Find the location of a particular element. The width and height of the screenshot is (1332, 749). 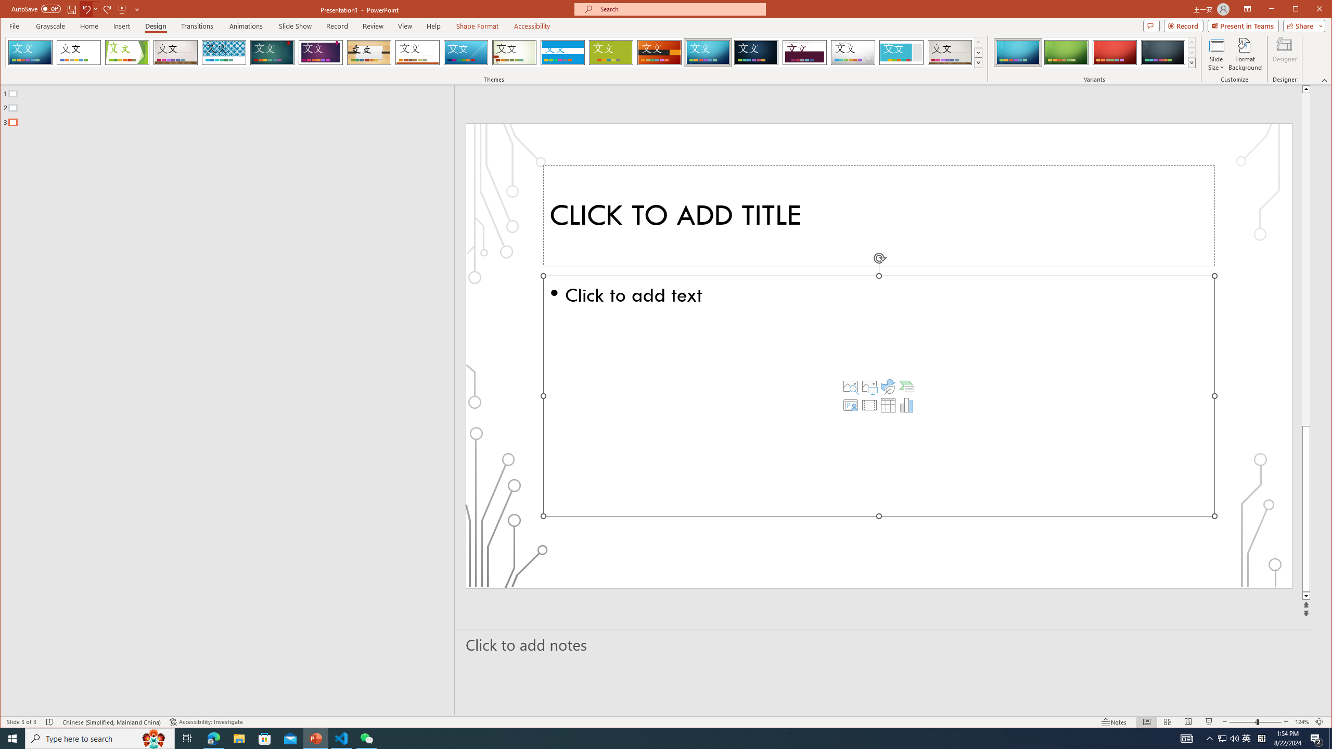

'WeChat - 1 running window' is located at coordinates (367, 738).